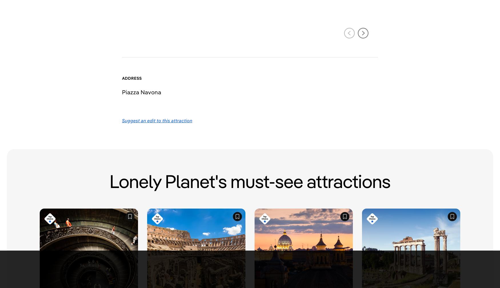  Describe the element at coordinates (310, 182) in the screenshot. I see `'Sustainable Travel'` at that location.